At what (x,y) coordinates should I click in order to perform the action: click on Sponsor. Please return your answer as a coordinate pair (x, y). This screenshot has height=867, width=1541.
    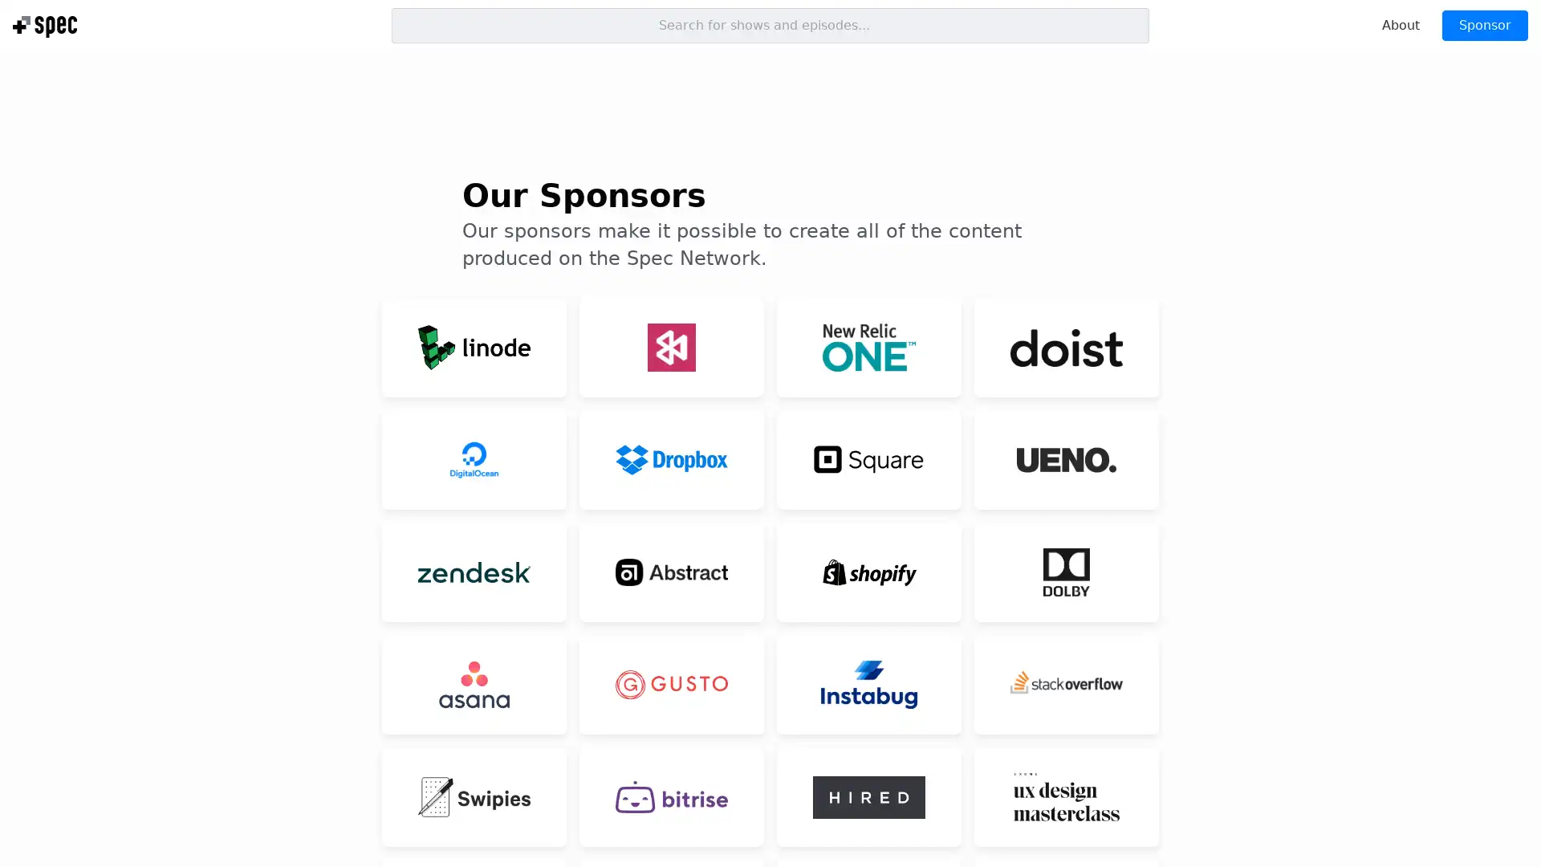
    Looking at the image, I should click on (1484, 31).